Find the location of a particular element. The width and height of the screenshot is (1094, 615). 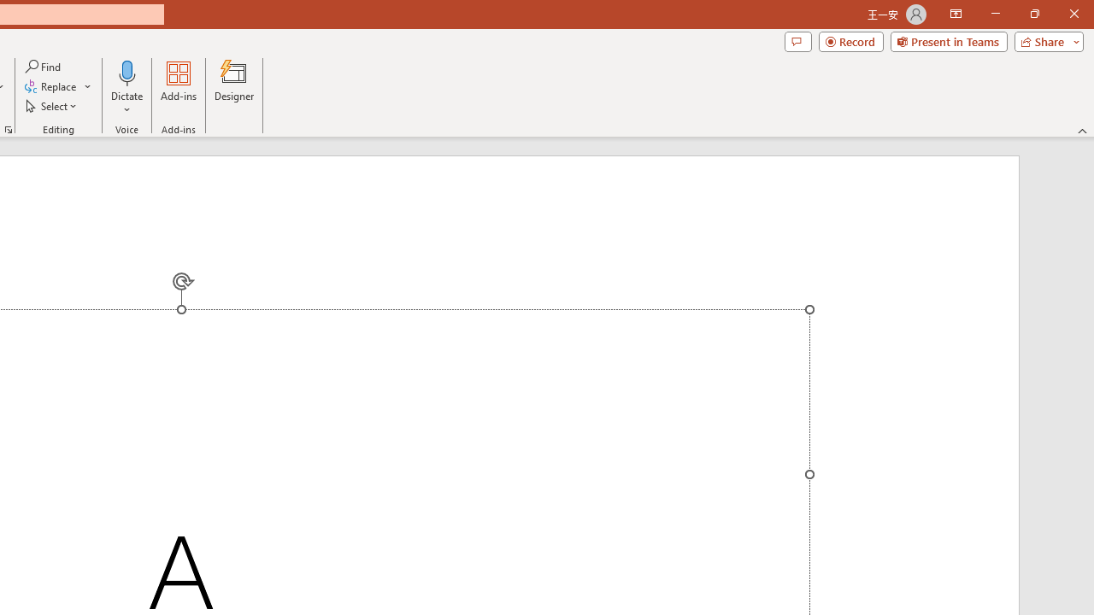

'More Options' is located at coordinates (126, 103).